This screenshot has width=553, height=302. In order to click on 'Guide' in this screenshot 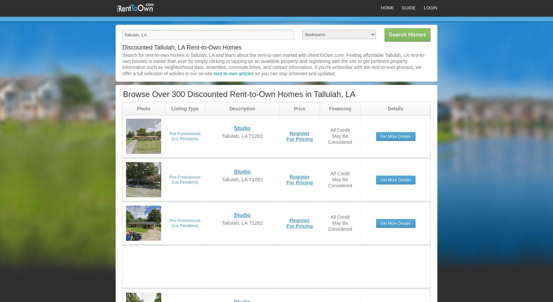, I will do `click(409, 7)`.